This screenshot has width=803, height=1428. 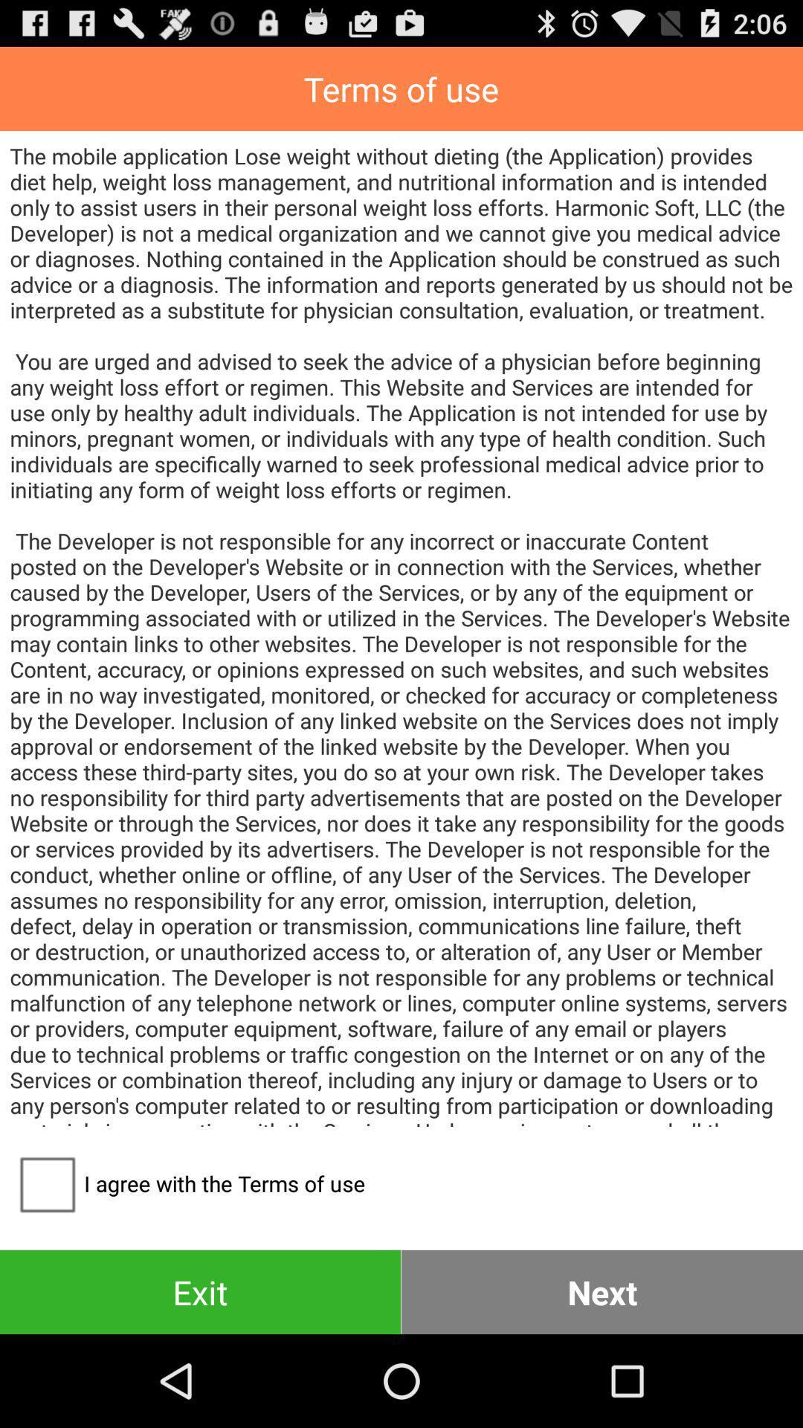 I want to click on button next to next, so click(x=199, y=1291).